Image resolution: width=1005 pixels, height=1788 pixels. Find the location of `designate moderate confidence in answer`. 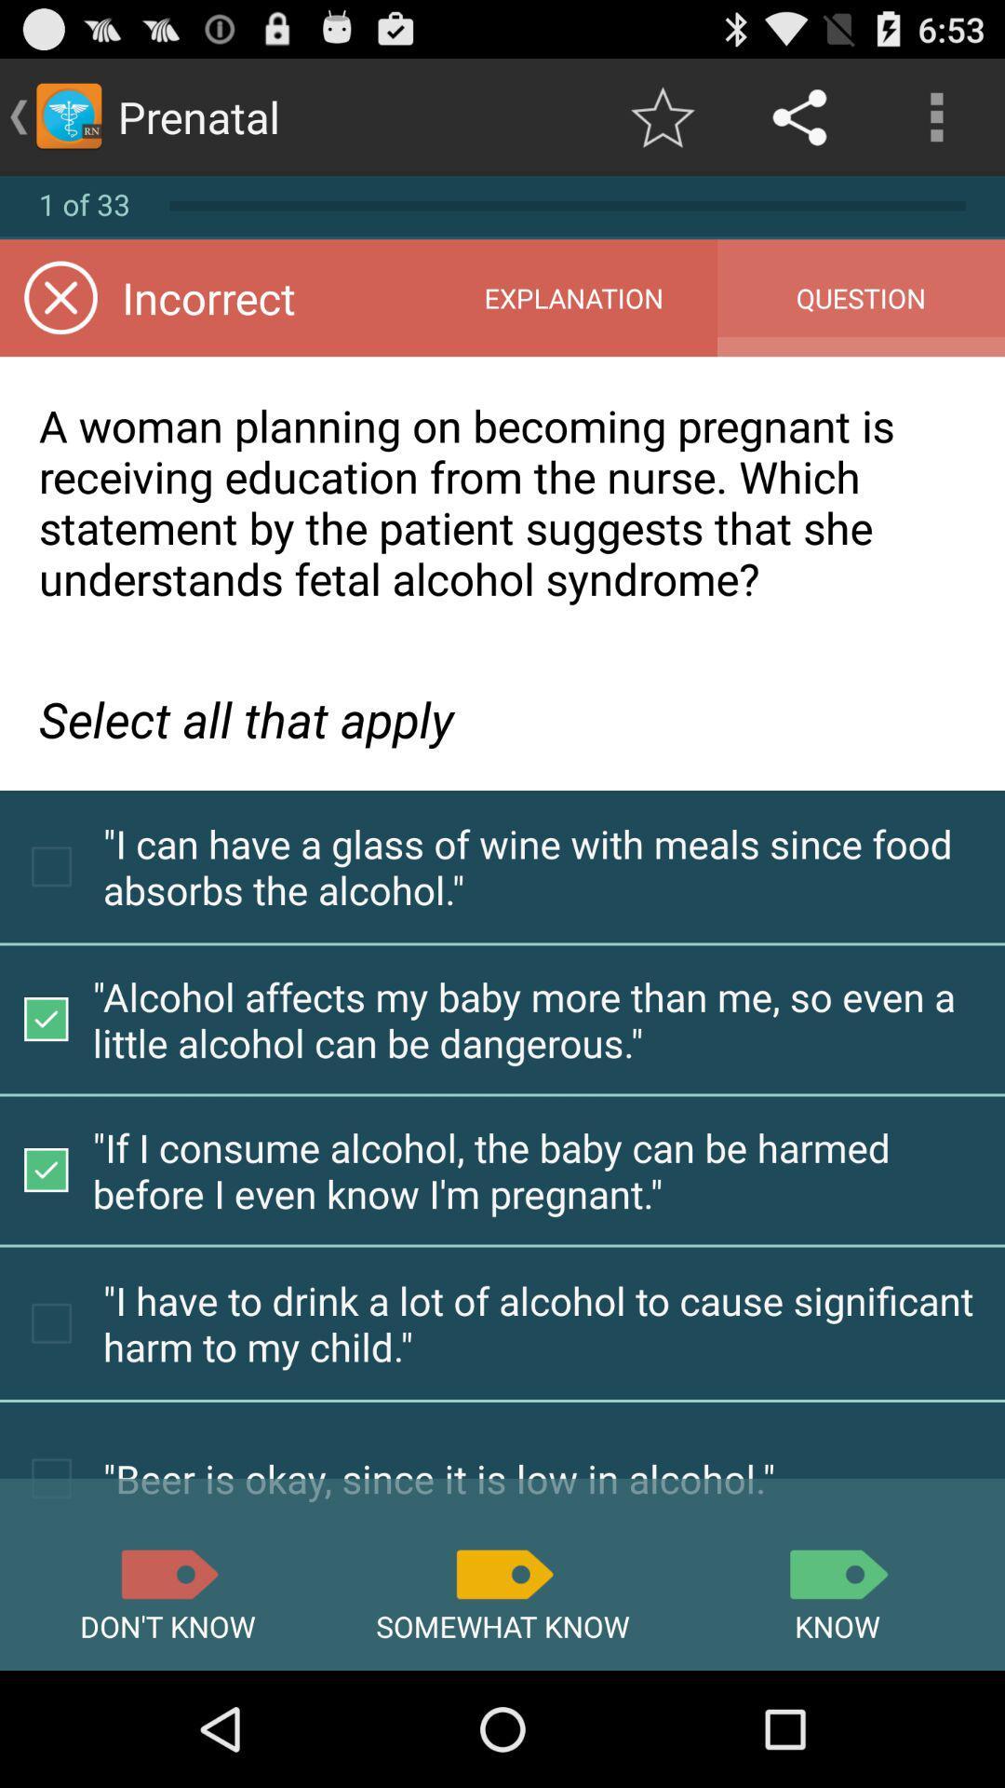

designate moderate confidence in answer is located at coordinates (502, 1573).